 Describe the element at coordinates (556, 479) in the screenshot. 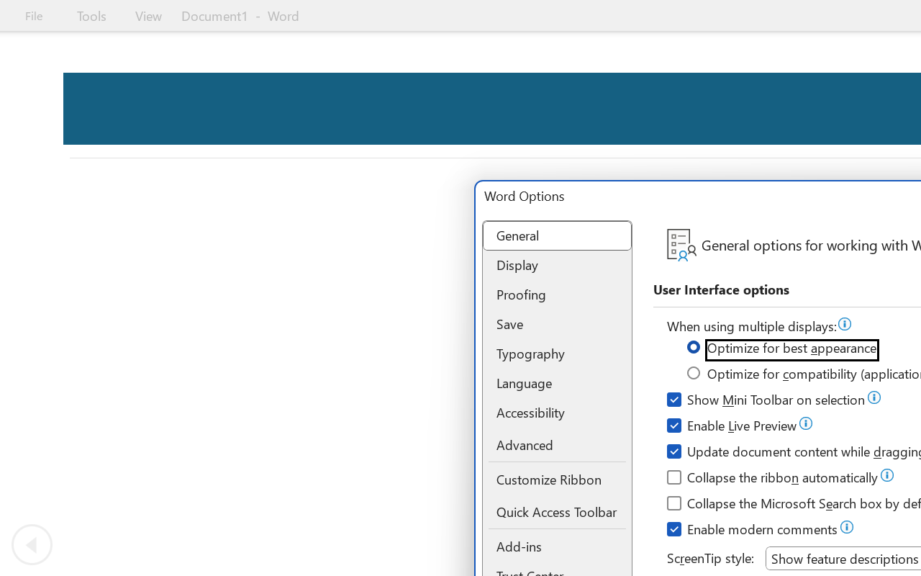

I see `'Customize Ribbon'` at that location.